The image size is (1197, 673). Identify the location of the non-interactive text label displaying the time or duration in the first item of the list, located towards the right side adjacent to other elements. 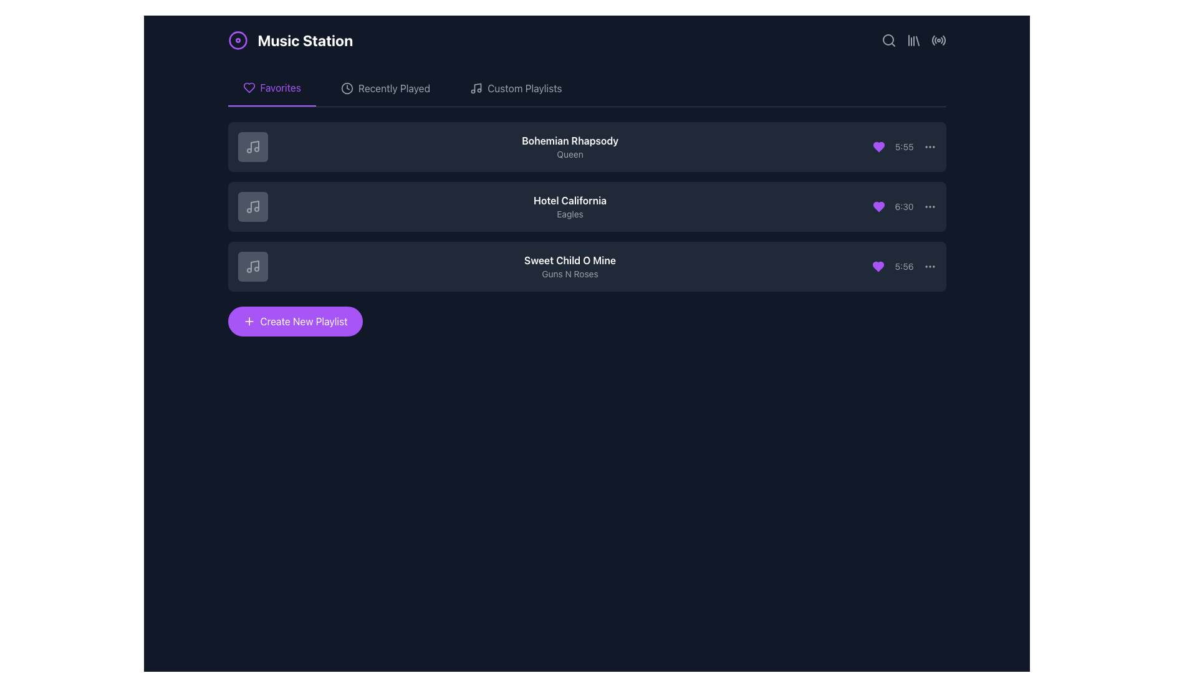
(904, 146).